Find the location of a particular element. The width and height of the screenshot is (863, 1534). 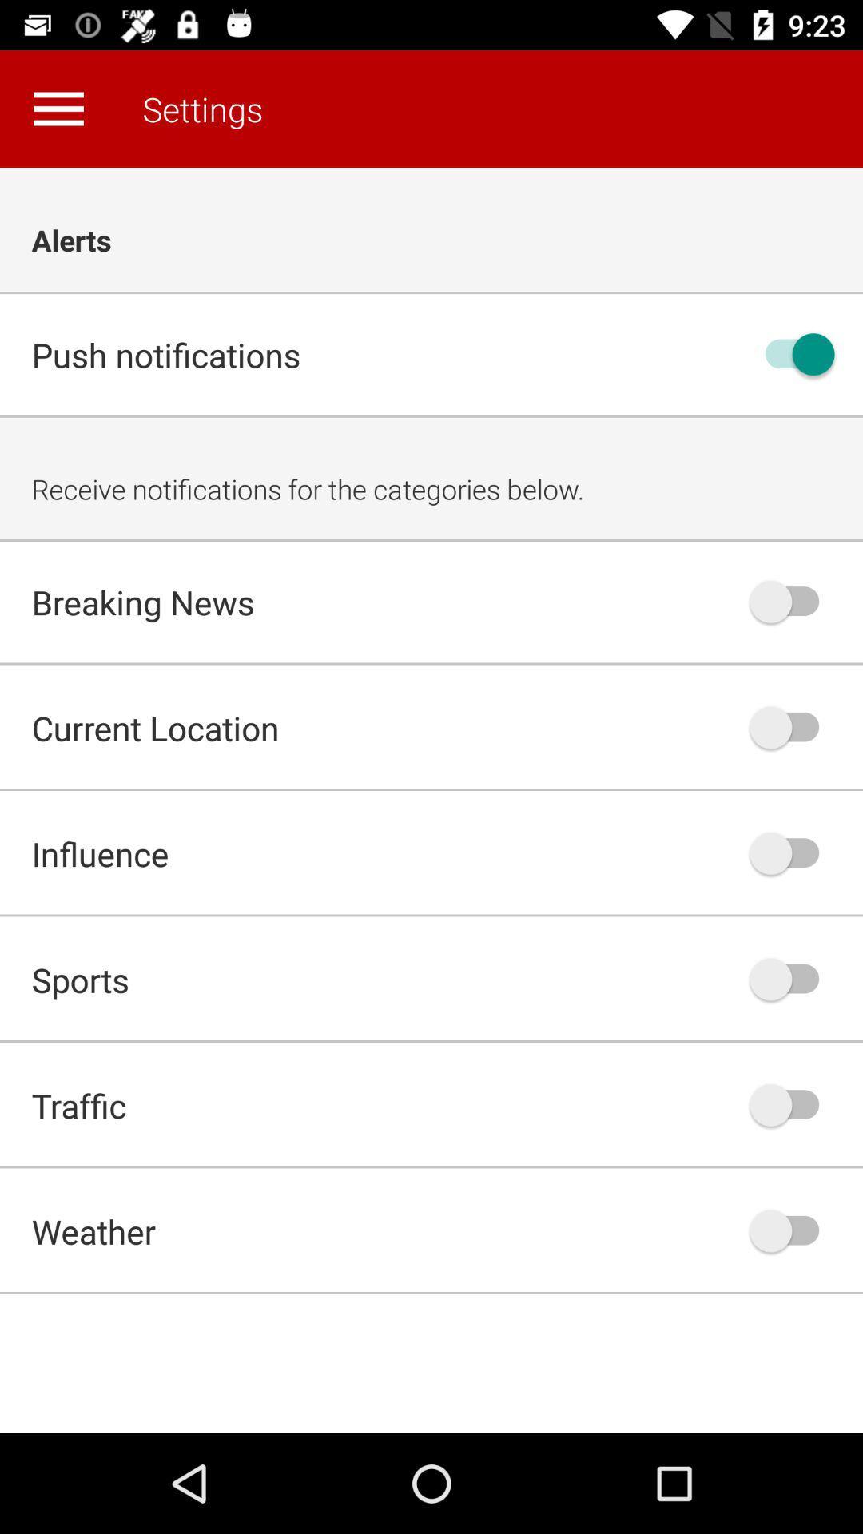

the menu icon is located at coordinates (58, 108).